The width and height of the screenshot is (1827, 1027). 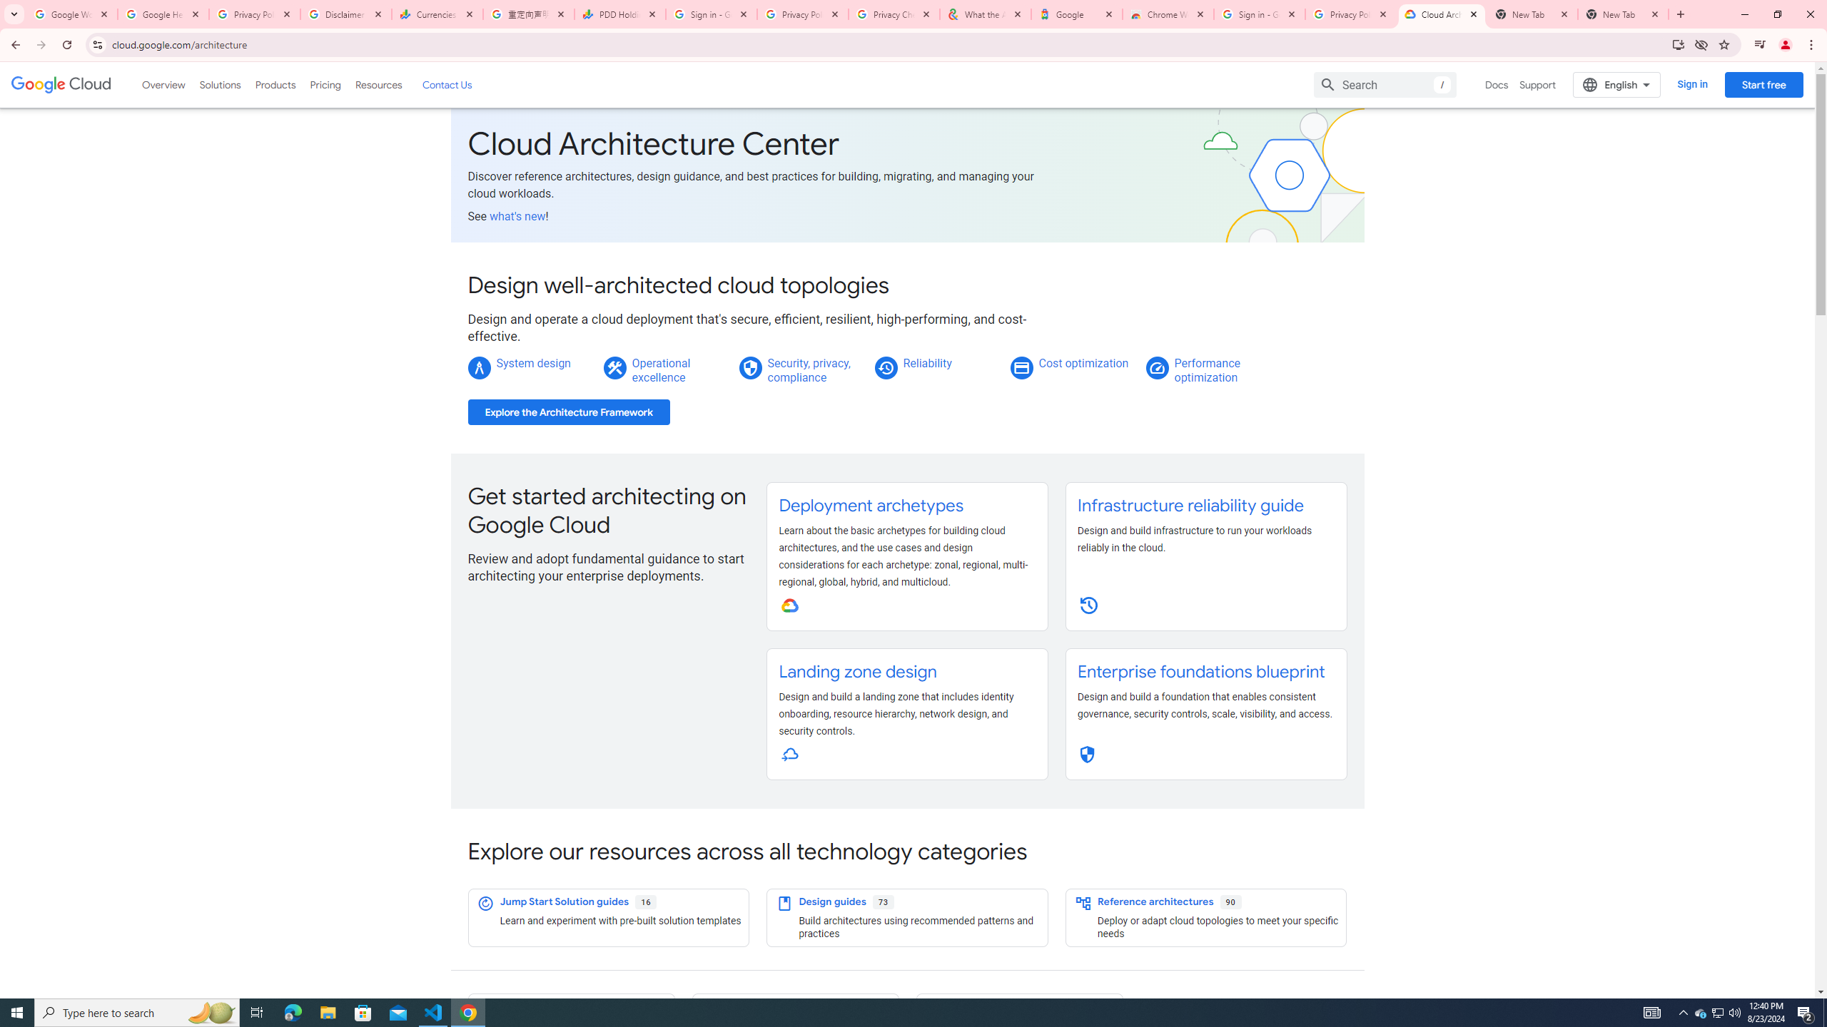 What do you see at coordinates (1616, 84) in the screenshot?
I see `'English'` at bounding box center [1616, 84].